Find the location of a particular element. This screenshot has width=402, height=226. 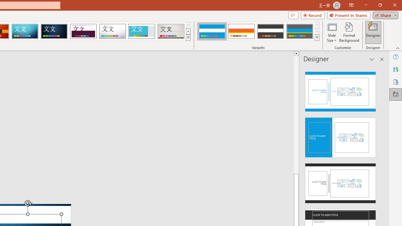

'Frame' is located at coordinates (141, 31).